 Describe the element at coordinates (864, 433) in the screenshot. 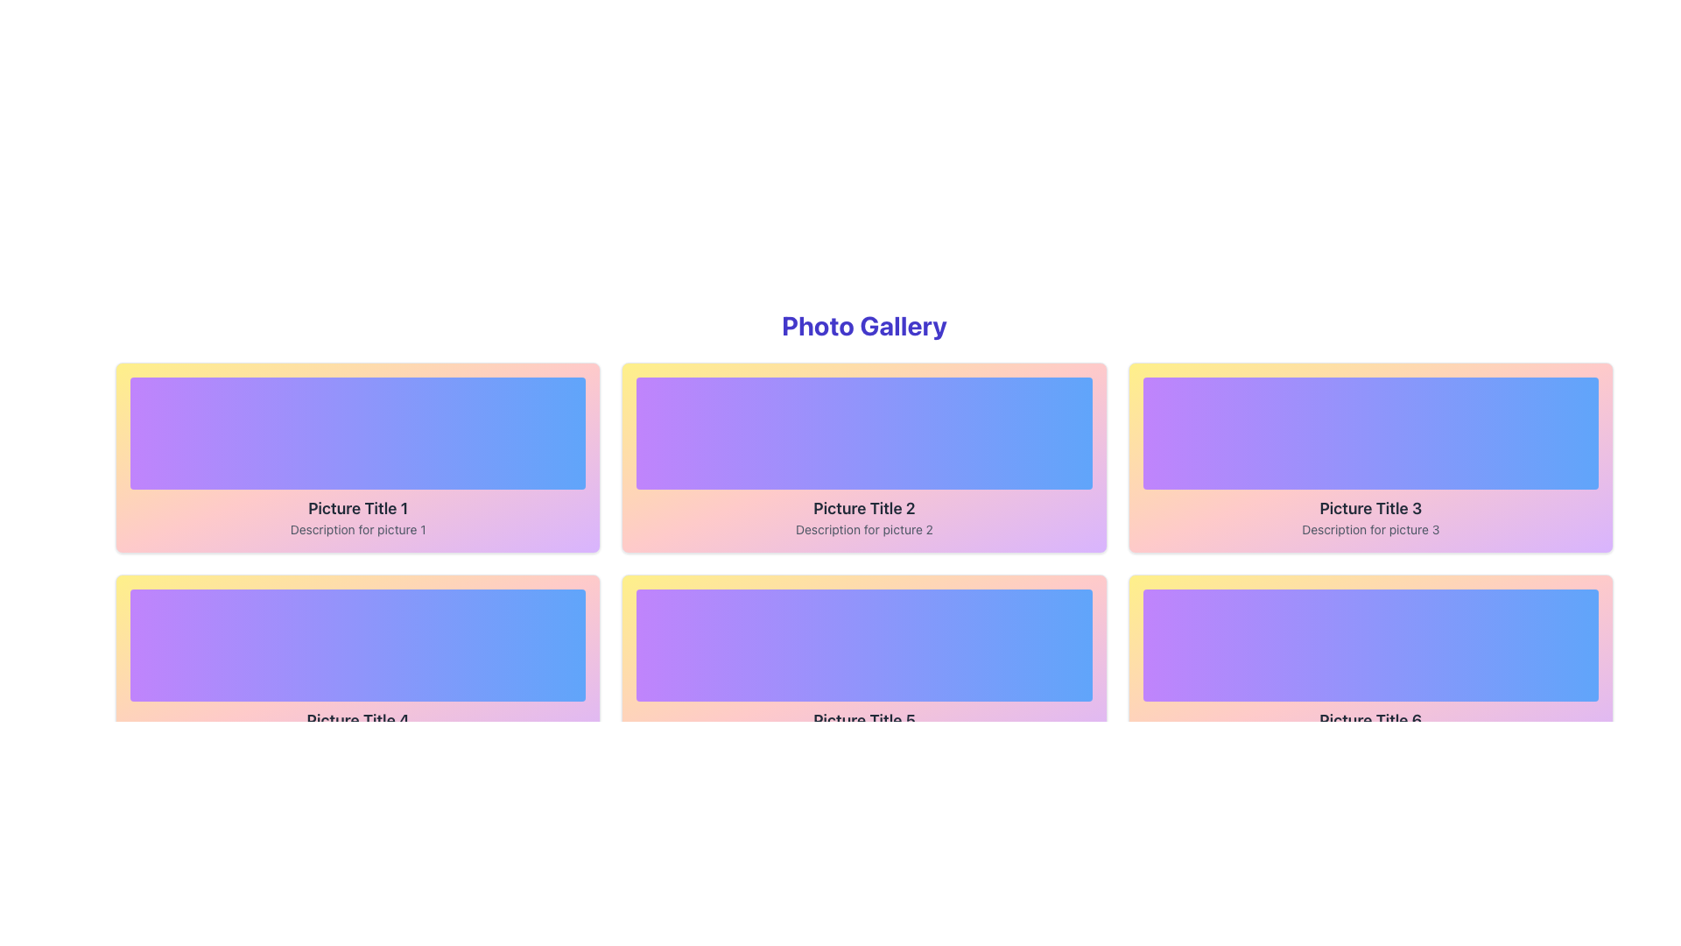

I see `the content box with a gradient background located at the top-center of the card labeled 'Picture Title 2' in the gallery layout` at that location.